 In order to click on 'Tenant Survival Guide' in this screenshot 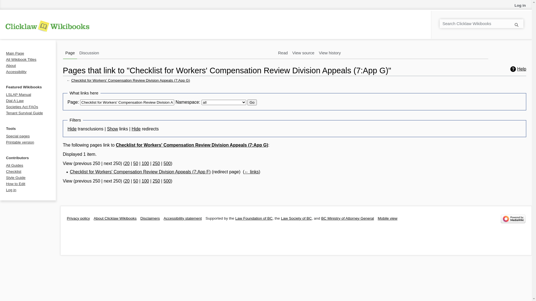, I will do `click(24, 113)`.